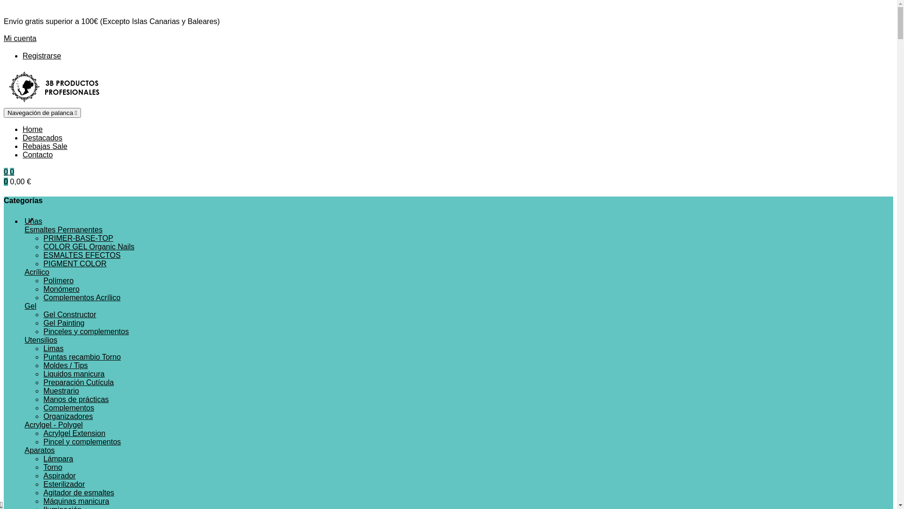  What do you see at coordinates (89, 246) in the screenshot?
I see `'COLOR GEL Organic Nails'` at bounding box center [89, 246].